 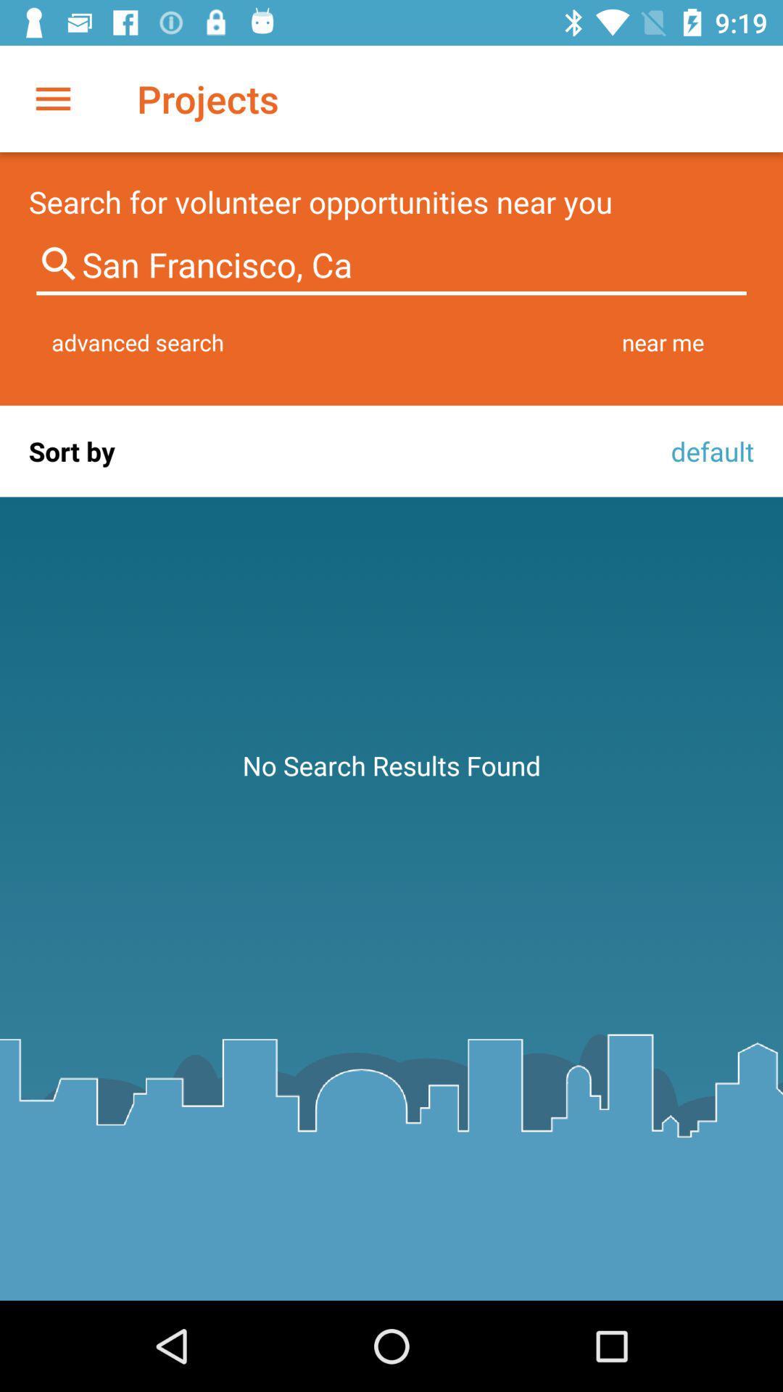 What do you see at coordinates (391, 265) in the screenshot?
I see `the icon below search for volunteer icon` at bounding box center [391, 265].